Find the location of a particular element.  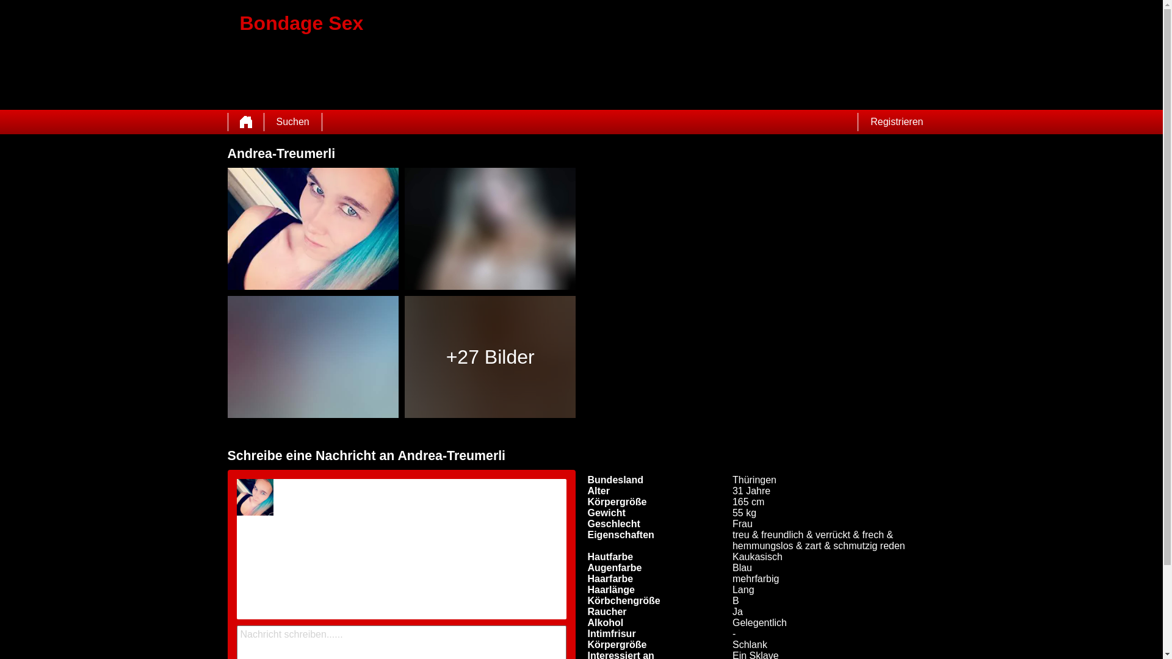

'Suchen' is located at coordinates (292, 122).